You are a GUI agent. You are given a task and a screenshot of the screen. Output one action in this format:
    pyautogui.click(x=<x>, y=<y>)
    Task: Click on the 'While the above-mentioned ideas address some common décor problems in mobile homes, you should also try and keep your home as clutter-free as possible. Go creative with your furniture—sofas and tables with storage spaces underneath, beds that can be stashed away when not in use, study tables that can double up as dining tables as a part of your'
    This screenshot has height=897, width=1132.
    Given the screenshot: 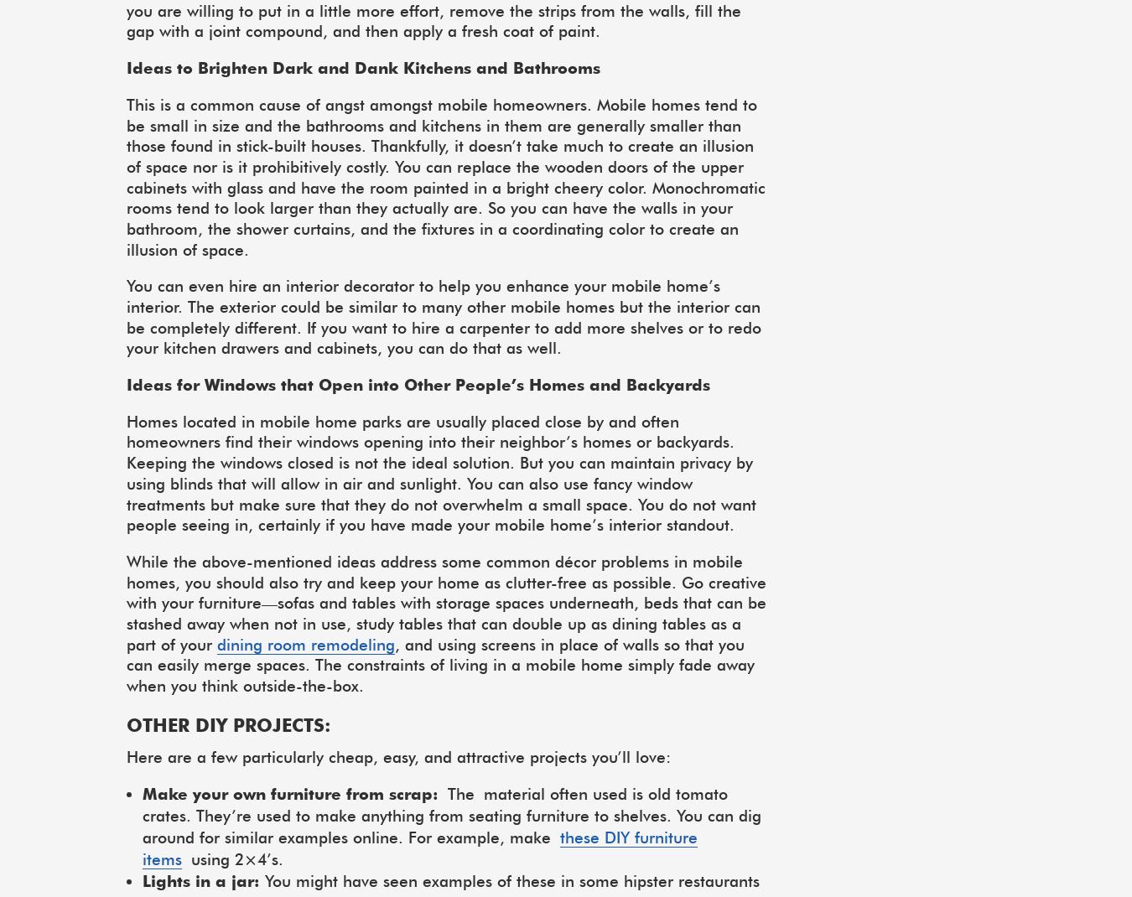 What is the action you would take?
    pyautogui.click(x=445, y=601)
    